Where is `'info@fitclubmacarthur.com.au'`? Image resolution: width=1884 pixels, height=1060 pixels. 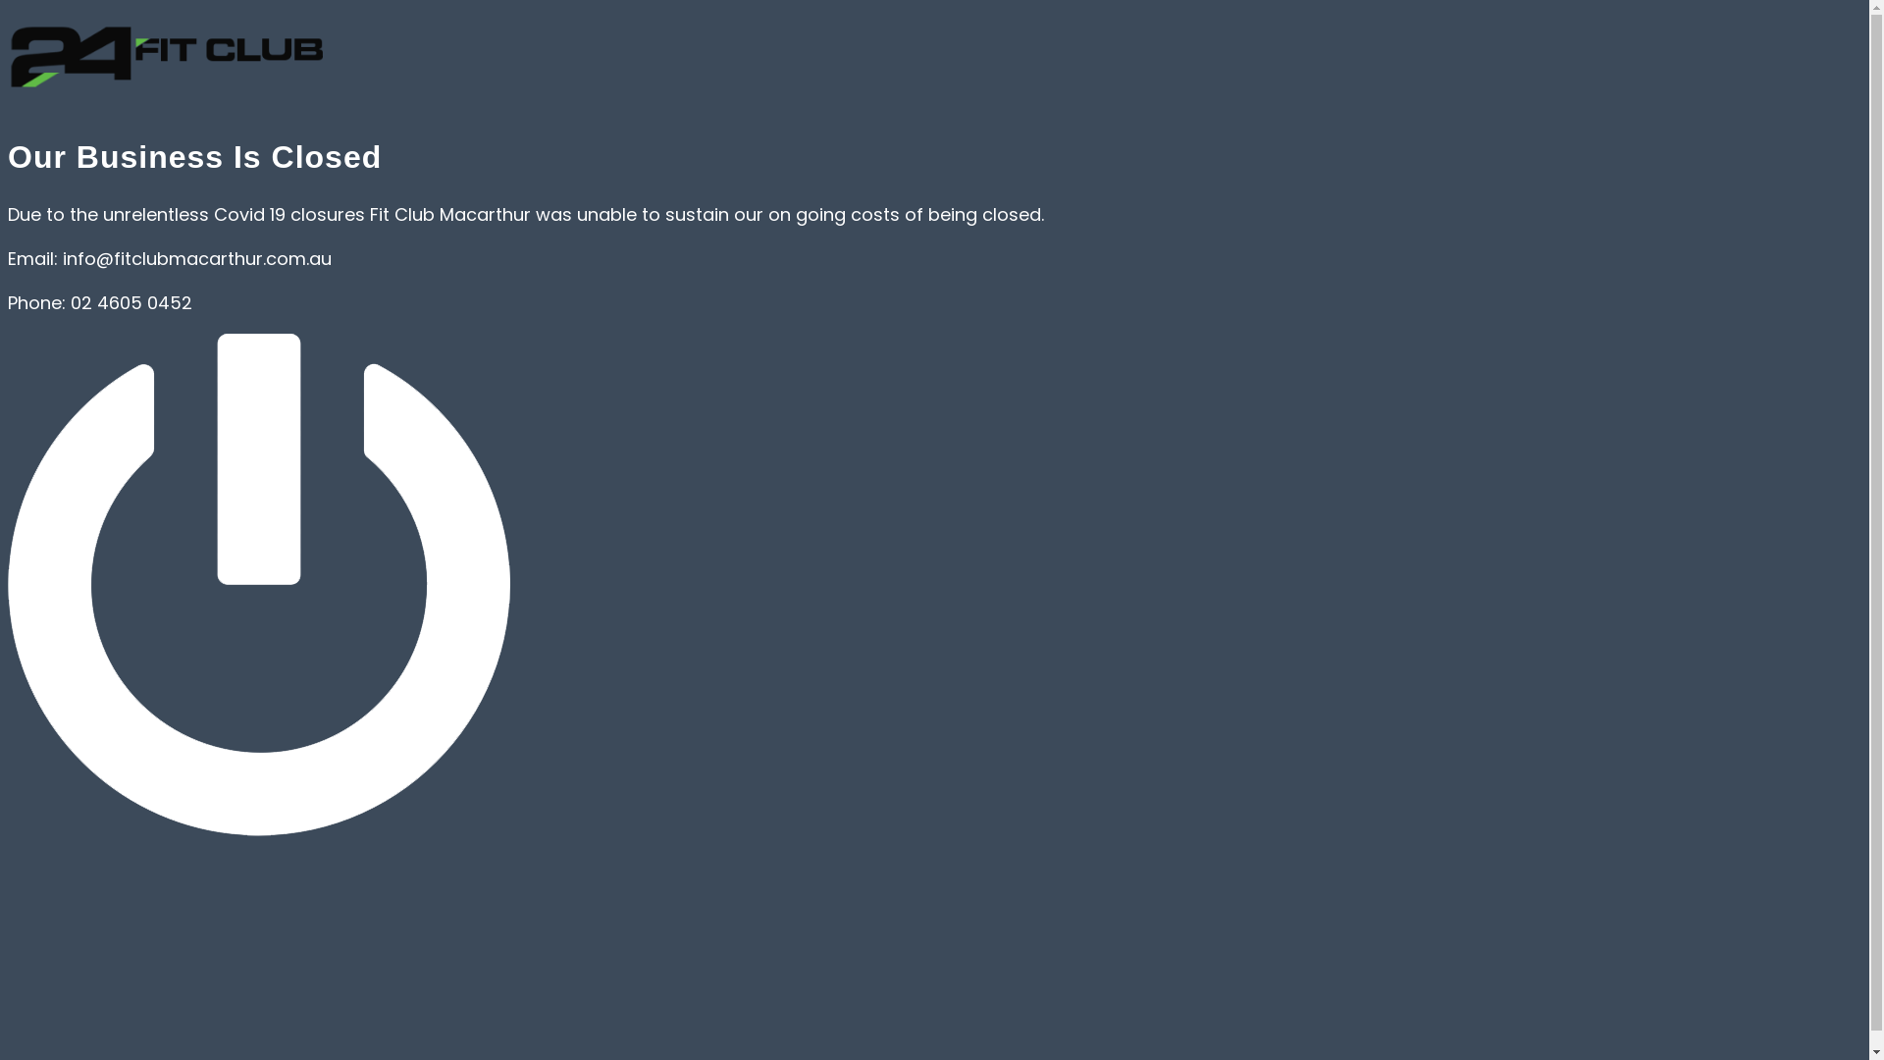 'info@fitclubmacarthur.com.au' is located at coordinates (197, 257).